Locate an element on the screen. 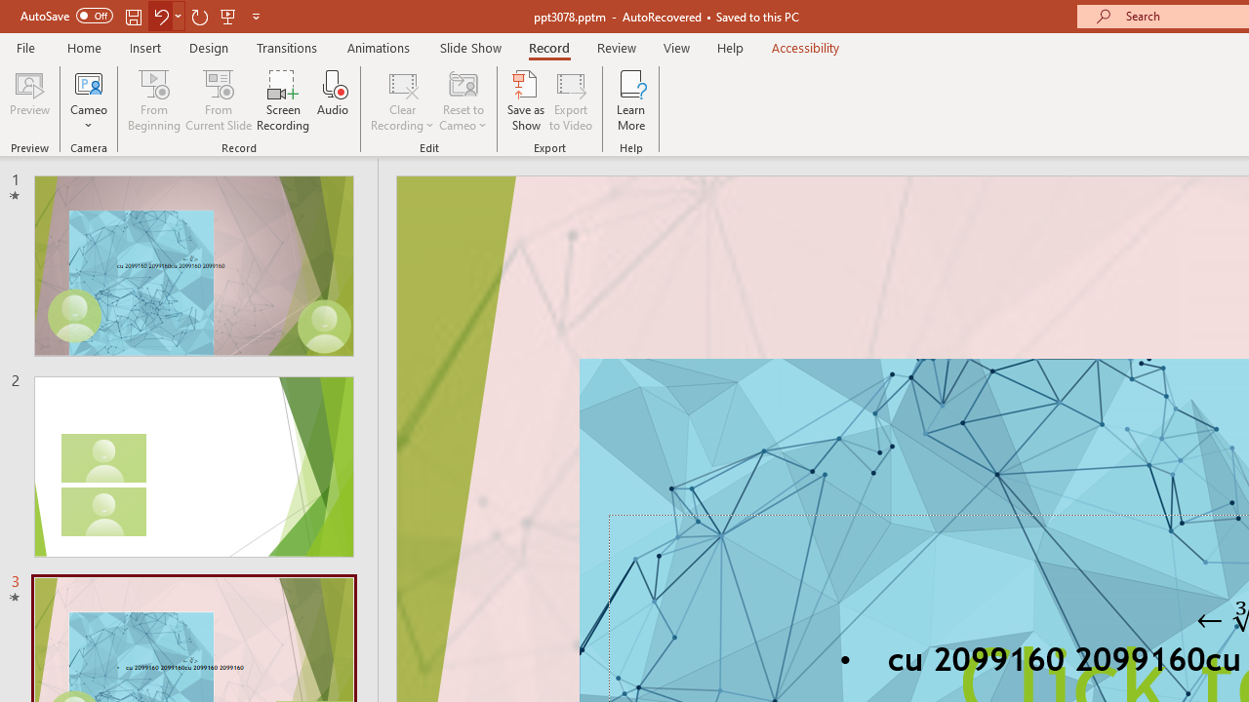 The width and height of the screenshot is (1249, 702). 'From Current Slide...' is located at coordinates (219, 100).